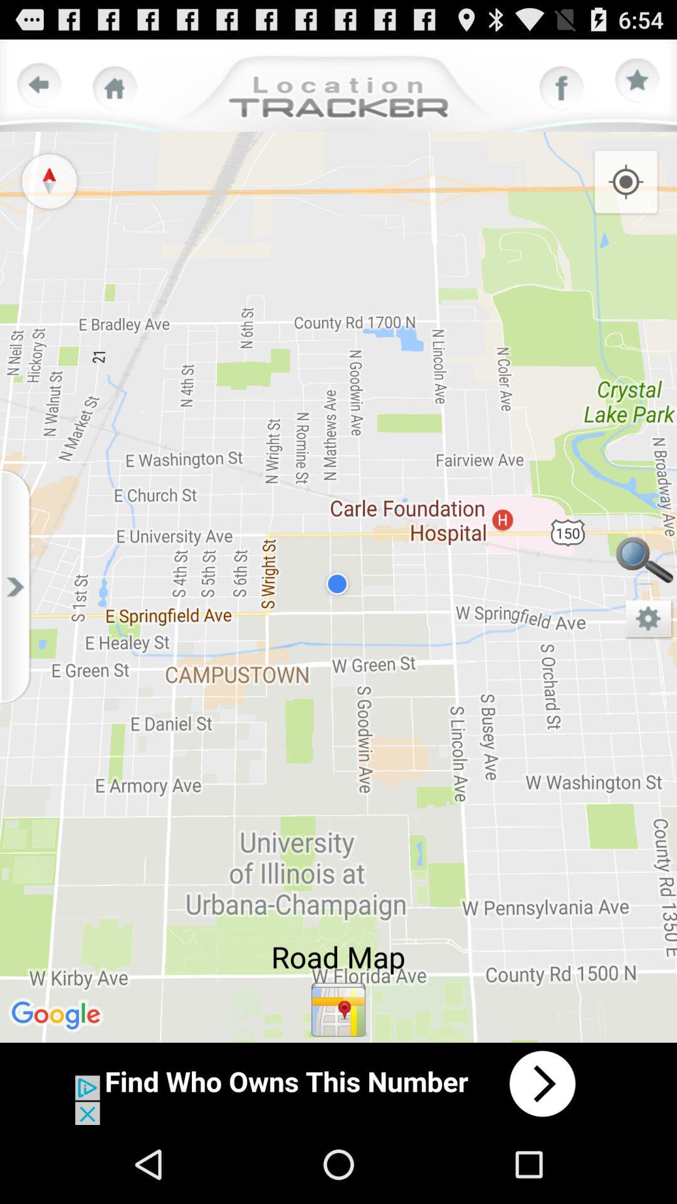 The width and height of the screenshot is (677, 1204). Describe the element at coordinates (561, 94) in the screenshot. I see `the facebook icon` at that location.